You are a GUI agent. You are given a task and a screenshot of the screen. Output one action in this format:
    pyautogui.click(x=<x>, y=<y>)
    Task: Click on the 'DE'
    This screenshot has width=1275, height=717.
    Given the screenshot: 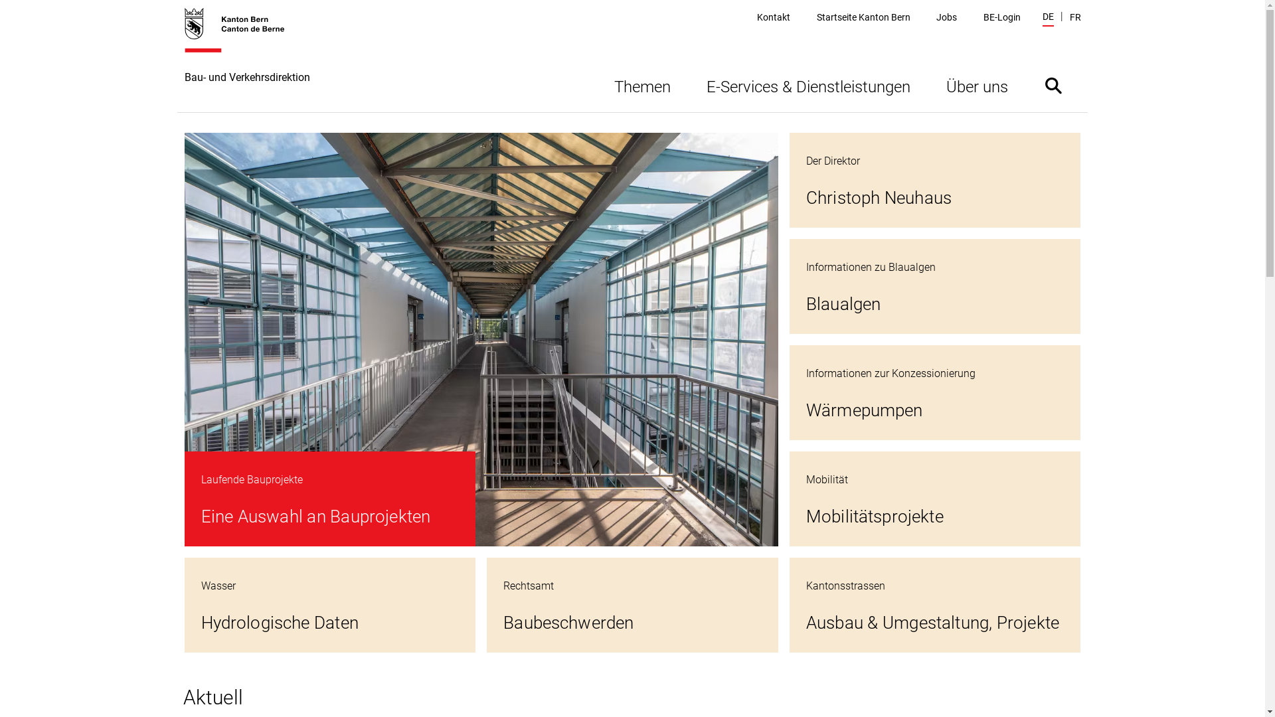 What is the action you would take?
    pyautogui.click(x=1047, y=18)
    